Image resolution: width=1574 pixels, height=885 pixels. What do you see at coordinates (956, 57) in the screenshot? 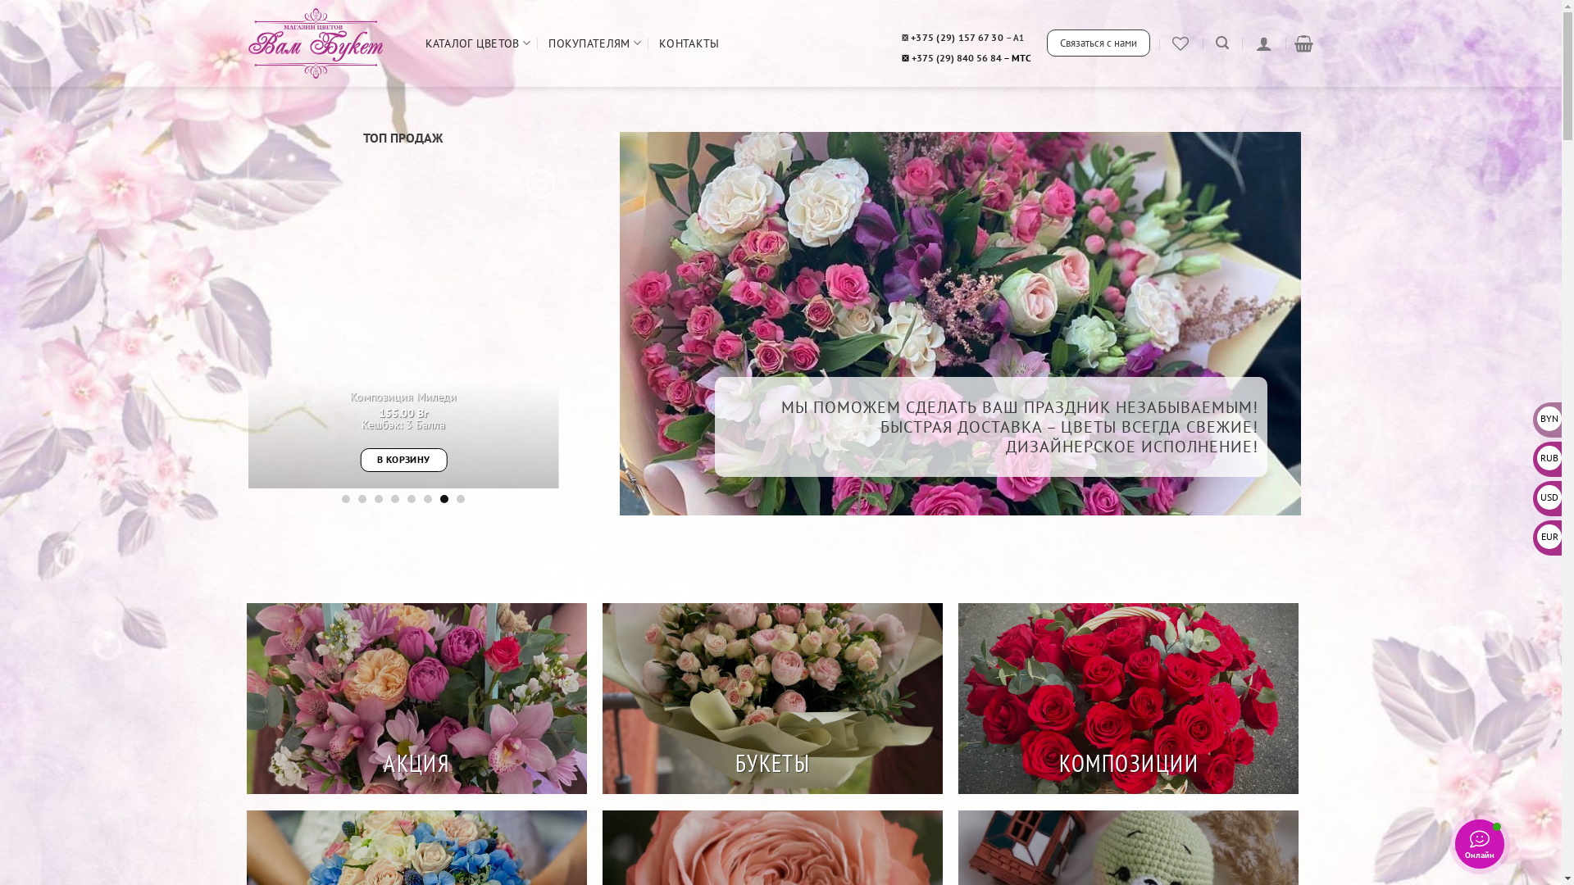
I see `'+375 (29) 840 56 84'` at bounding box center [956, 57].